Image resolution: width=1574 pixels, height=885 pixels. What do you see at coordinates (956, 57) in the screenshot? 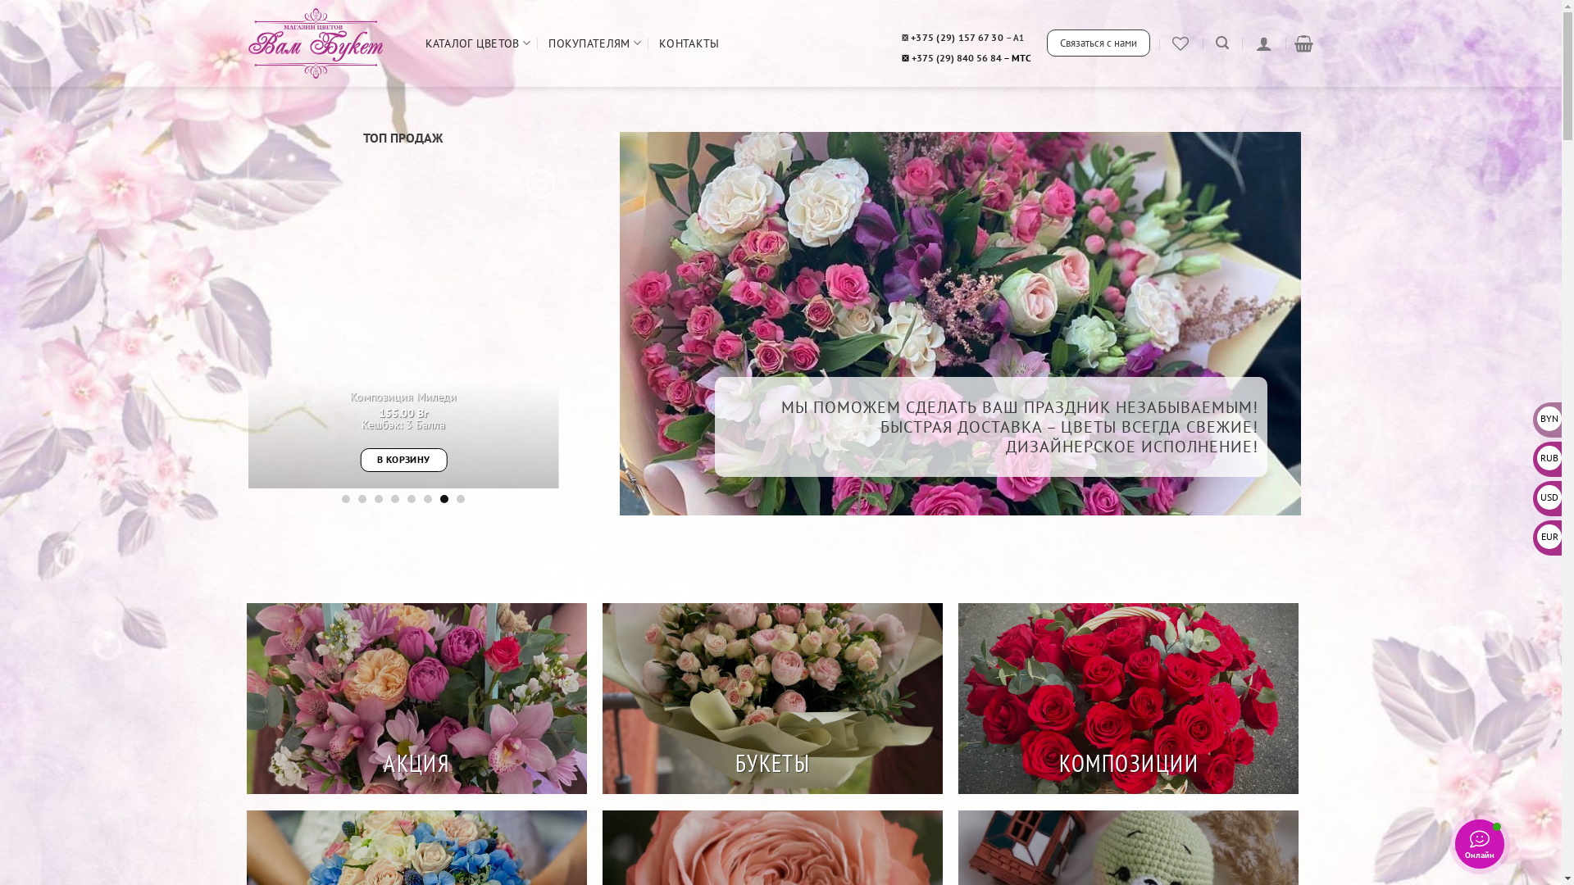
I see `'+375 (29) 840 56 84'` at bounding box center [956, 57].